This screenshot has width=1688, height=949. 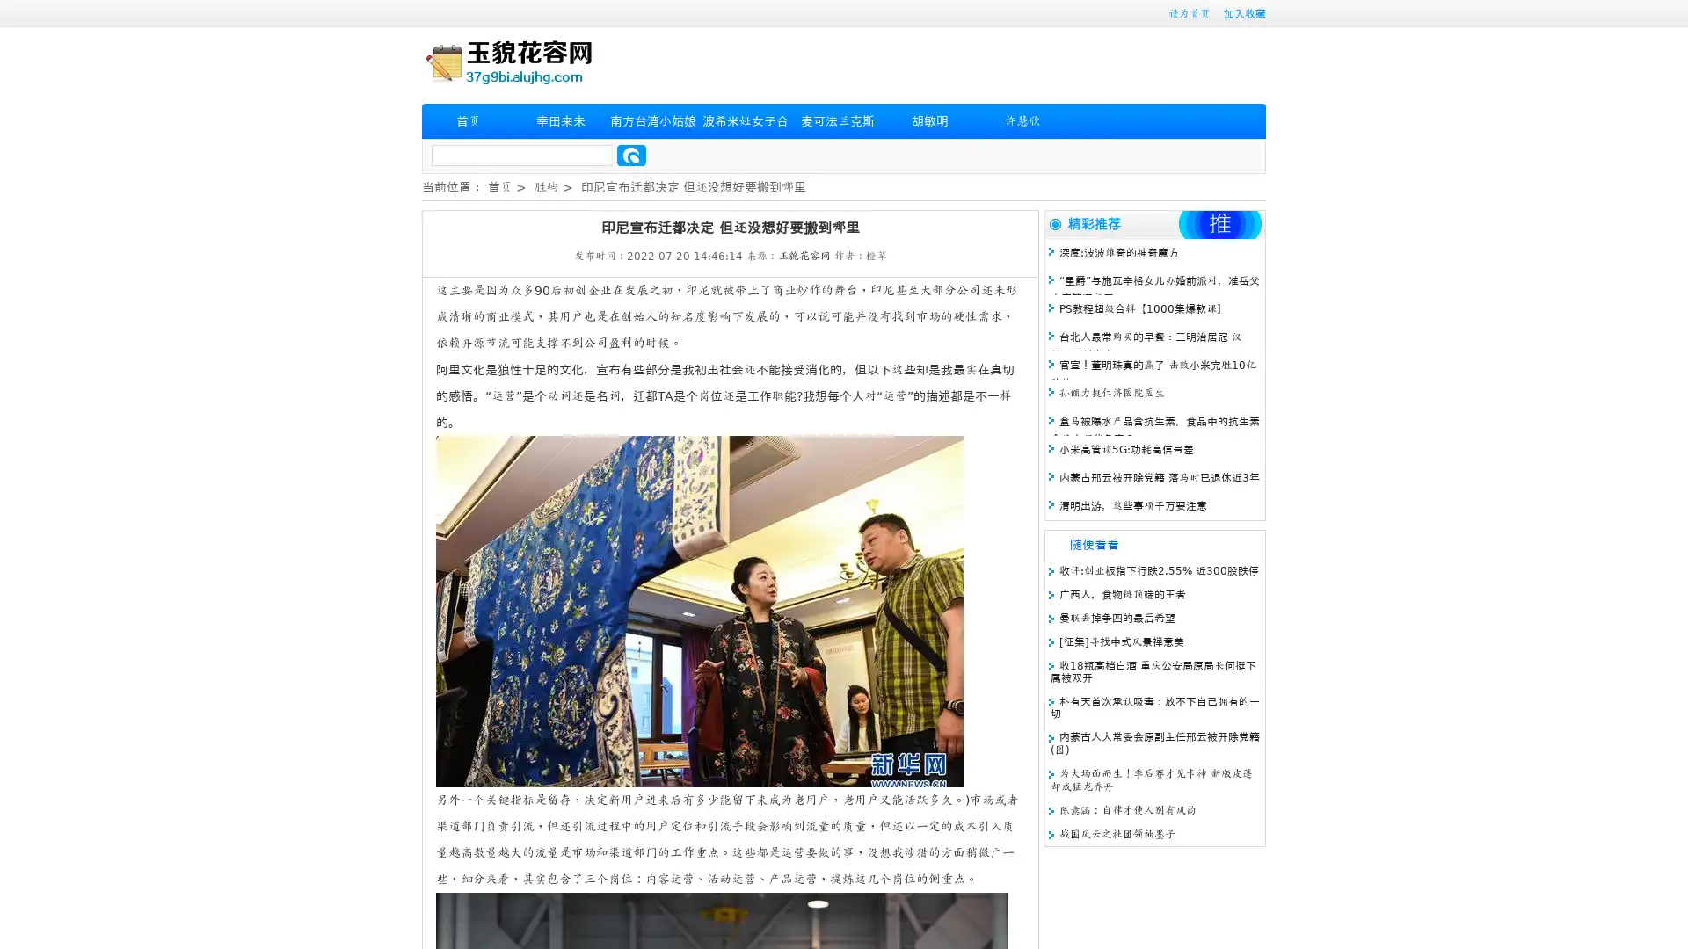 I want to click on Search, so click(x=631, y=155).